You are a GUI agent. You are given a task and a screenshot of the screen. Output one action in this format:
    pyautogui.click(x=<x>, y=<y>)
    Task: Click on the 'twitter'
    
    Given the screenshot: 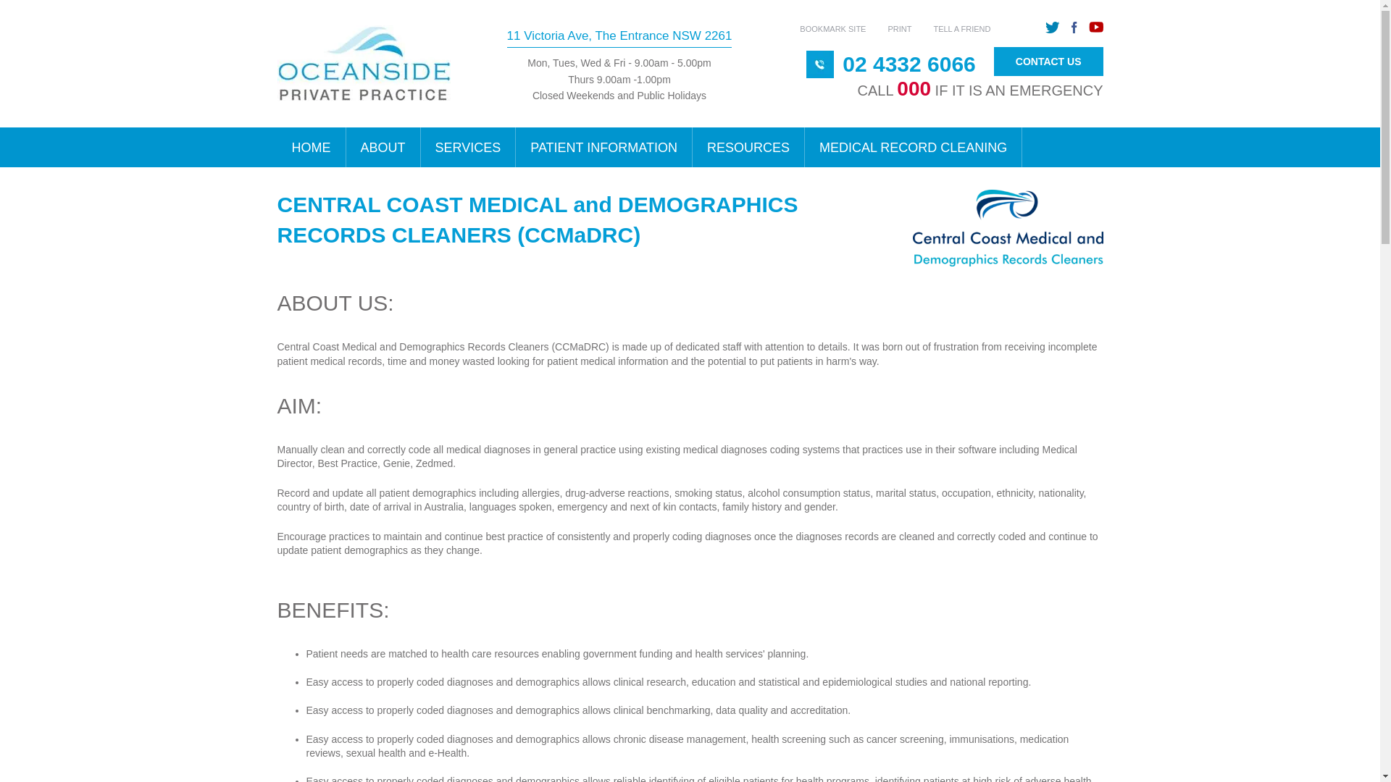 What is the action you would take?
    pyautogui.click(x=1052, y=28)
    